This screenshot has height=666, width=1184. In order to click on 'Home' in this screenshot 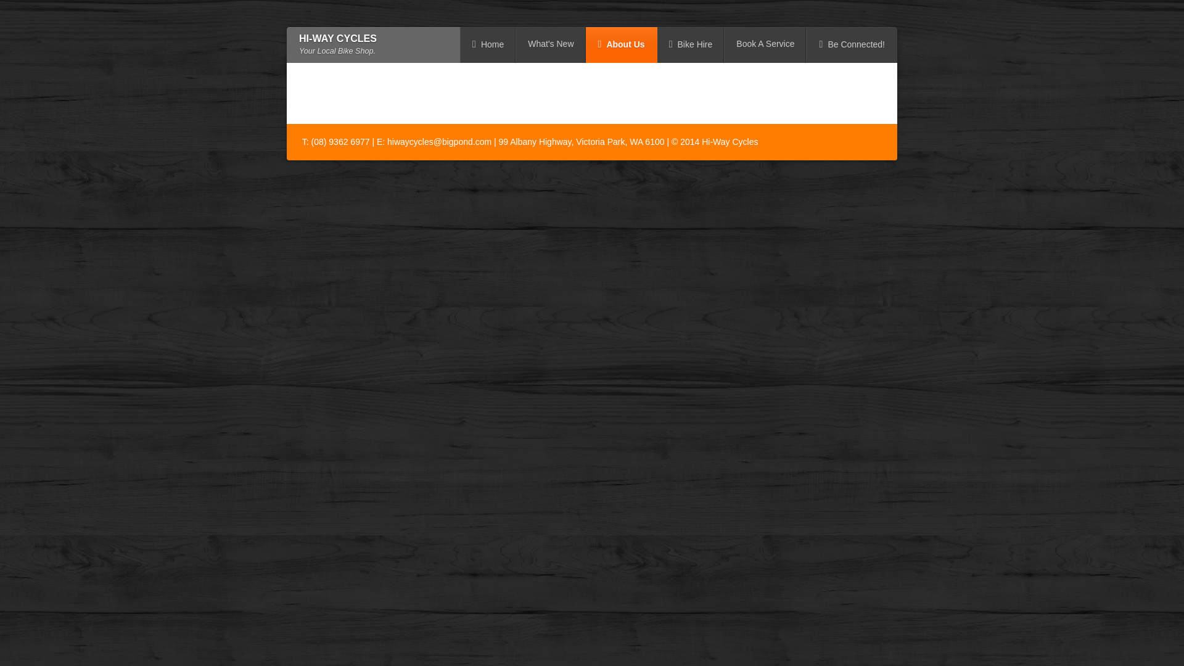, I will do `click(487, 44)`.